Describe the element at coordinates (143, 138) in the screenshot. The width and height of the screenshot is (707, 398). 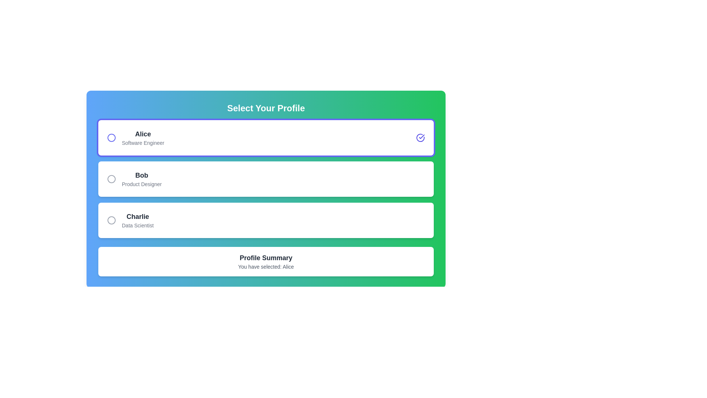
I see `the text element displaying 'Alice' and 'Software Engineer'` at that location.